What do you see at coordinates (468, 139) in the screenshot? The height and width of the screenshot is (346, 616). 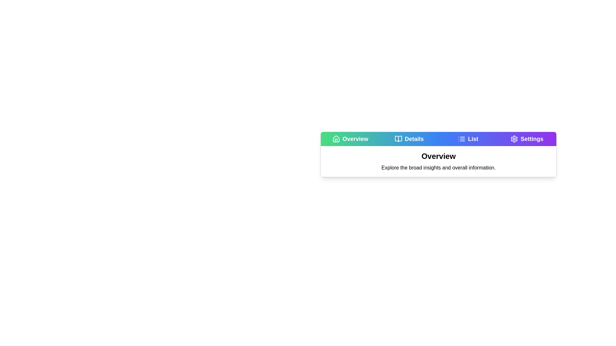 I see `the navigation button located between the 'Details' button and the 'Settings' button` at bounding box center [468, 139].